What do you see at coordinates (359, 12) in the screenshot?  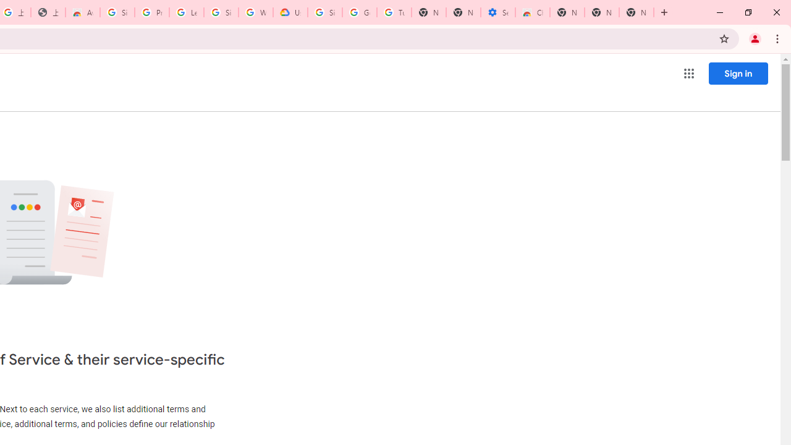 I see `'Google Account Help'` at bounding box center [359, 12].